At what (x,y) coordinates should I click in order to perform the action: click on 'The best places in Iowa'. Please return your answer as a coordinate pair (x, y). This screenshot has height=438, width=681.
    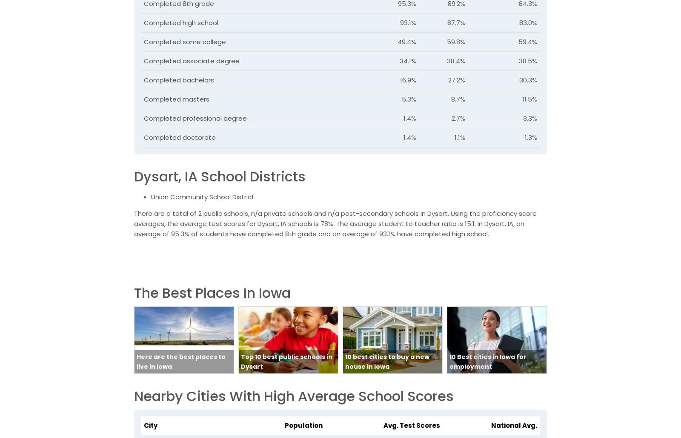
    Looking at the image, I should click on (212, 292).